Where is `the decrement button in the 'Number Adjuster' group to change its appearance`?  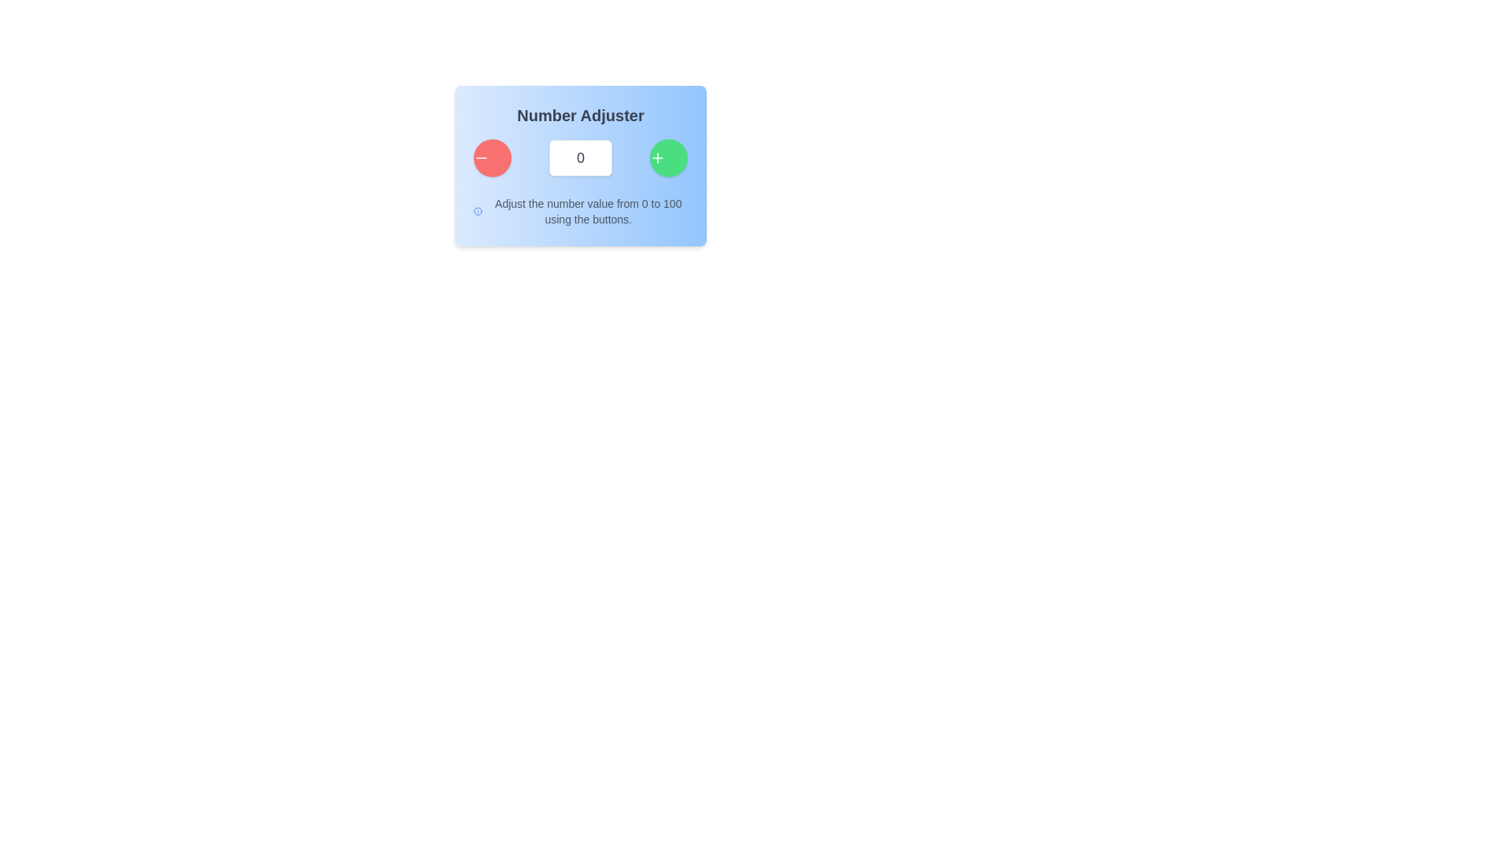
the decrement button in the 'Number Adjuster' group to change its appearance is located at coordinates (491, 157).